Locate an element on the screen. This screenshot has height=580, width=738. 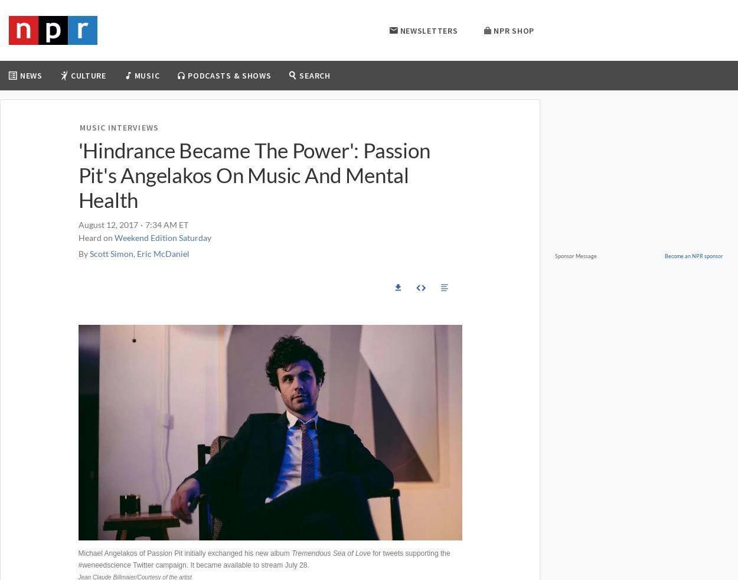
'All Songs Considered' is located at coordinates (139, 140).